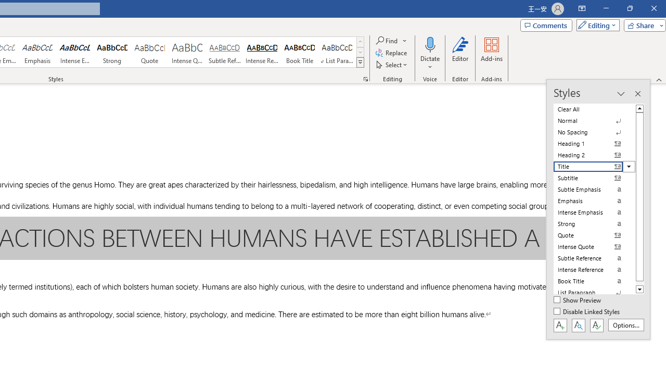  Describe the element at coordinates (594, 120) in the screenshot. I see `'Normal'` at that location.